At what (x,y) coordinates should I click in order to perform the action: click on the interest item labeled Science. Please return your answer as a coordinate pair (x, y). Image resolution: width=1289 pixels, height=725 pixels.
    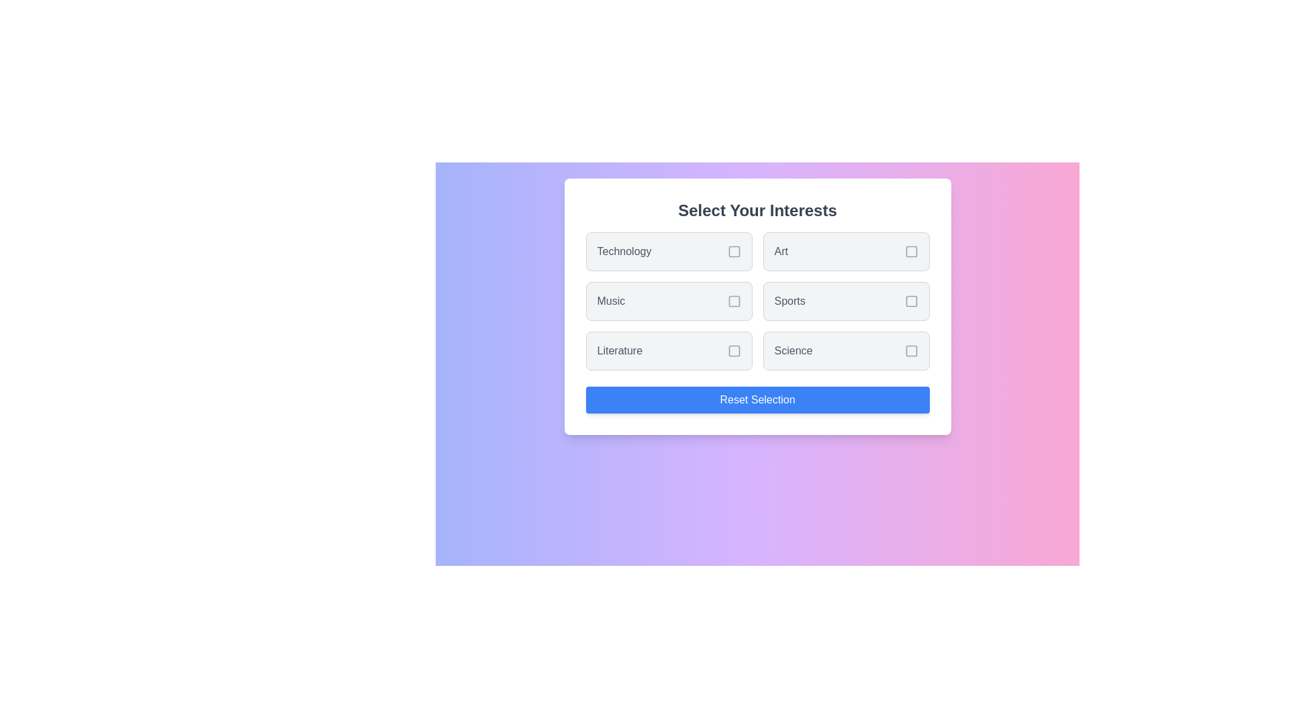
    Looking at the image, I should click on (845, 350).